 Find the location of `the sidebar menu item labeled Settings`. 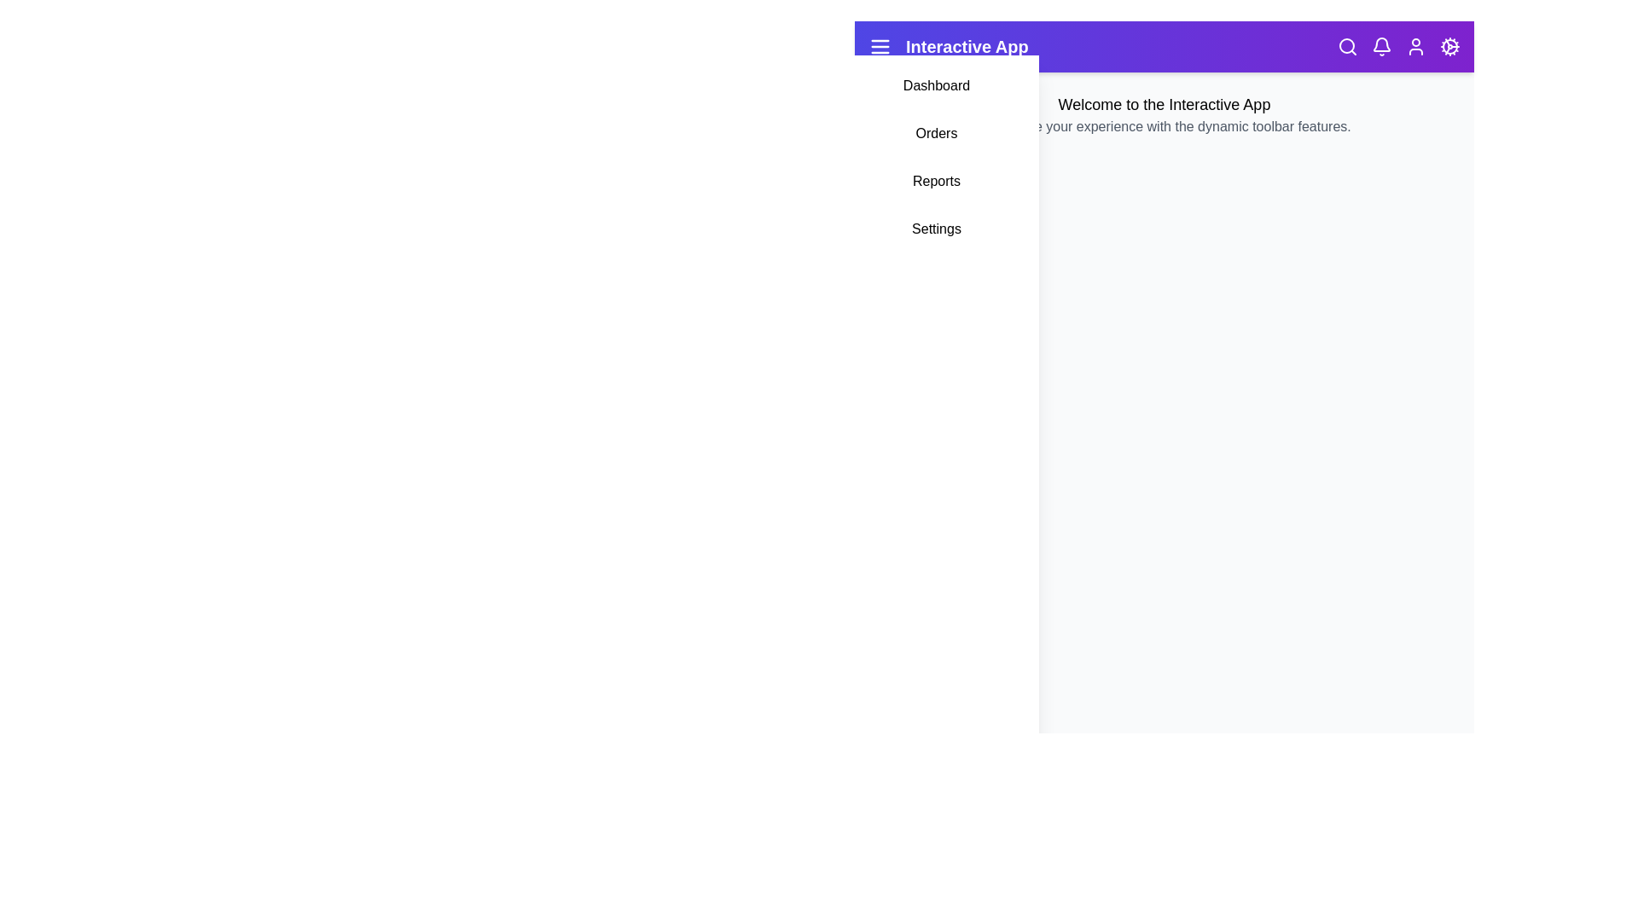

the sidebar menu item labeled Settings is located at coordinates (936, 229).